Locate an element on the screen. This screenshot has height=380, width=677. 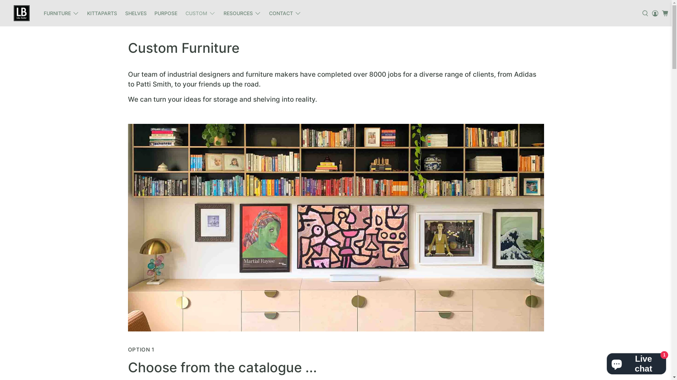
'FURNITURE' is located at coordinates (61, 13).